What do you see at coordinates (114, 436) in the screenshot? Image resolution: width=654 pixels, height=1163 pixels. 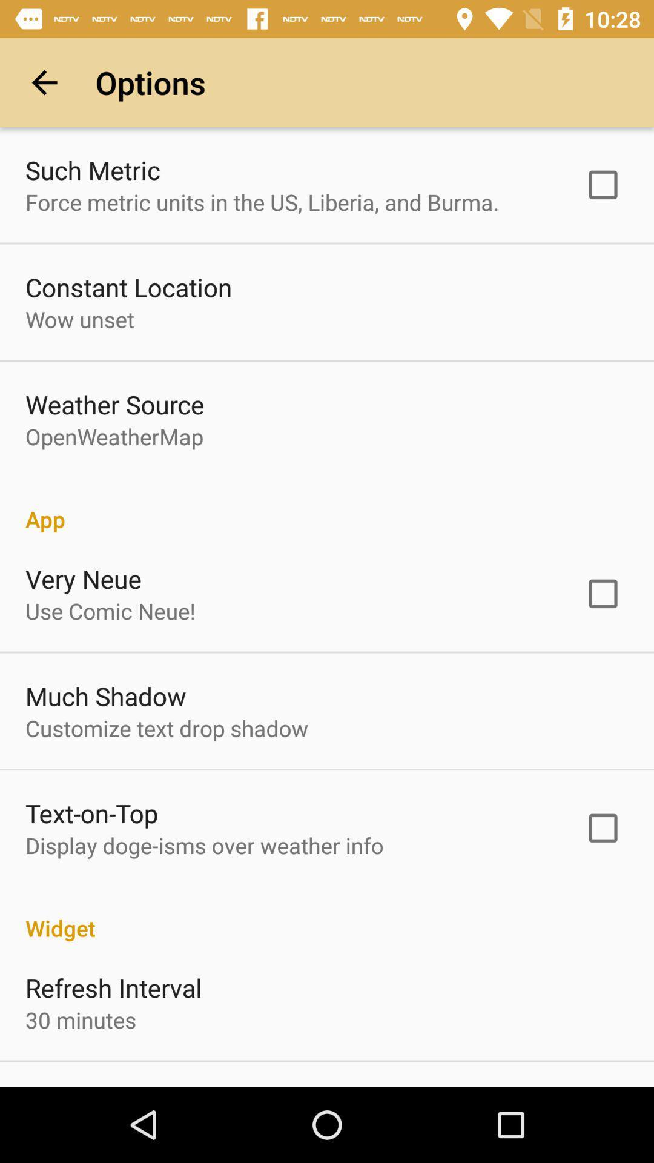 I see `openweathermap` at bounding box center [114, 436].